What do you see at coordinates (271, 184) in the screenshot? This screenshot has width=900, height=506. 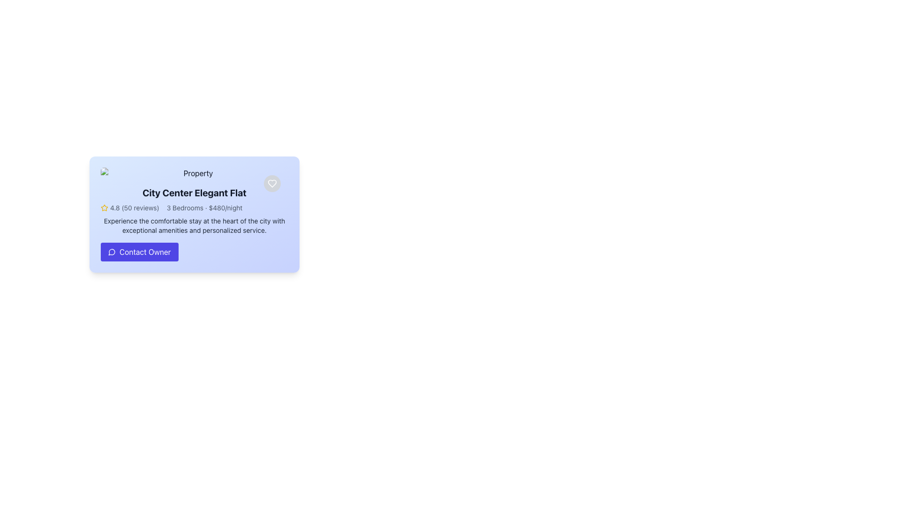 I see `the heart-shaped icon in the top-right of the property listing card to mark it as favorite` at bounding box center [271, 184].